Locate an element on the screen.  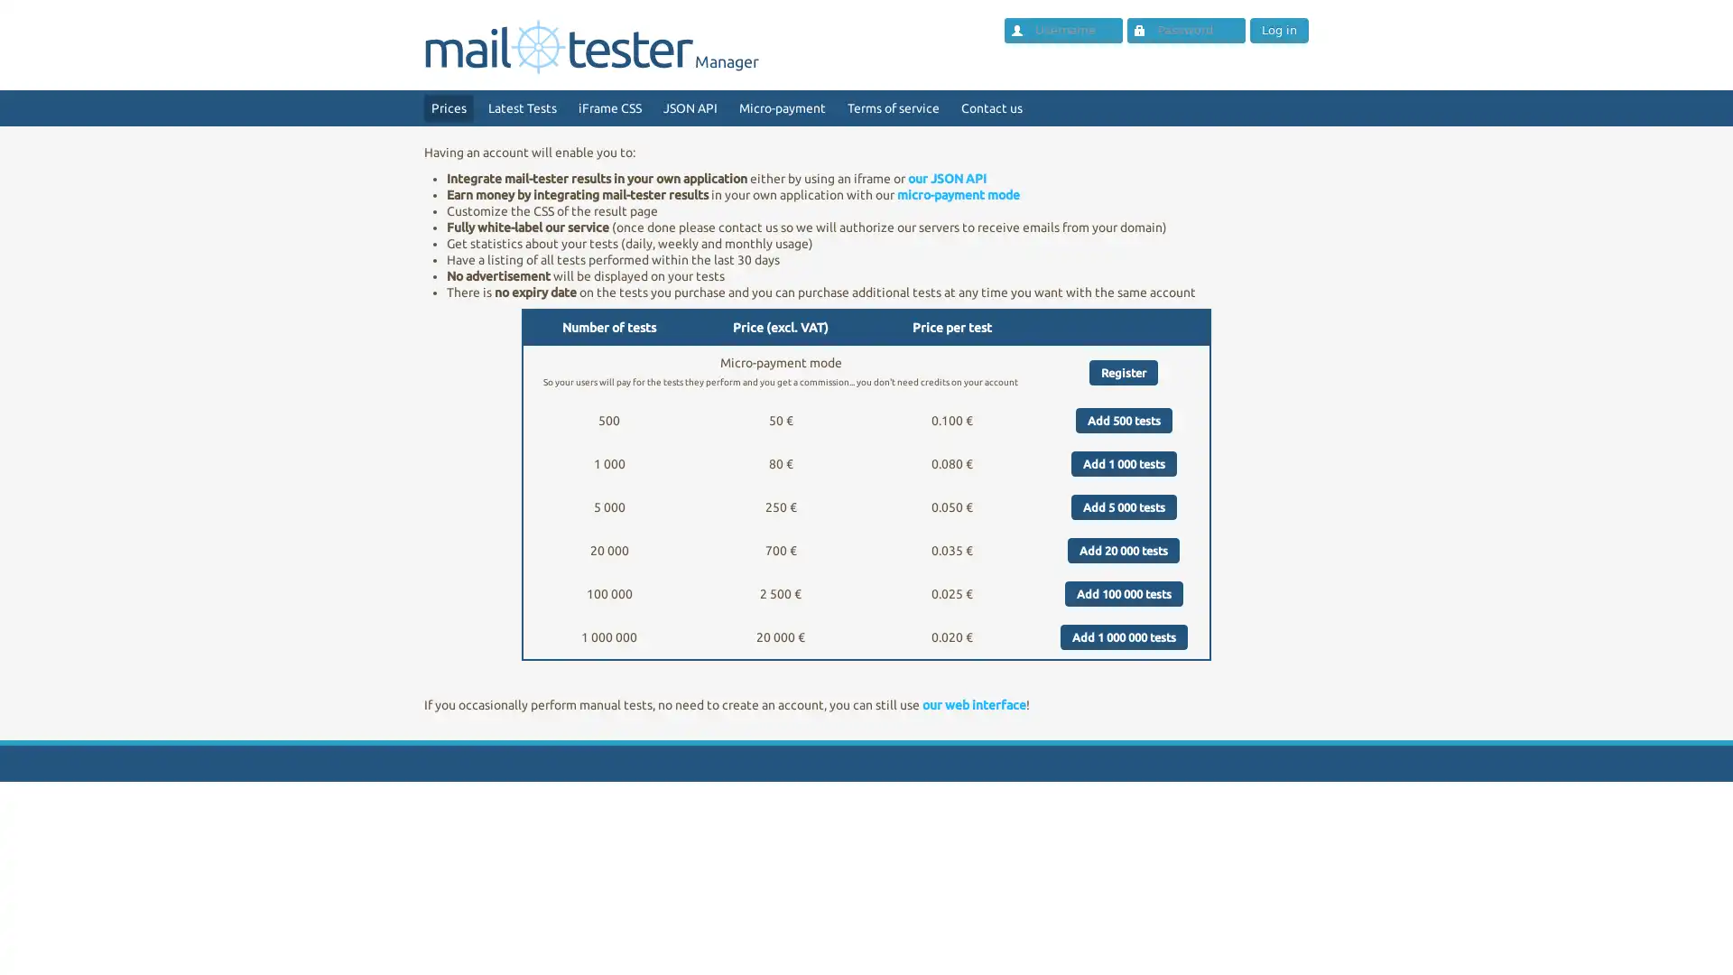
Log in is located at coordinates (1277, 31).